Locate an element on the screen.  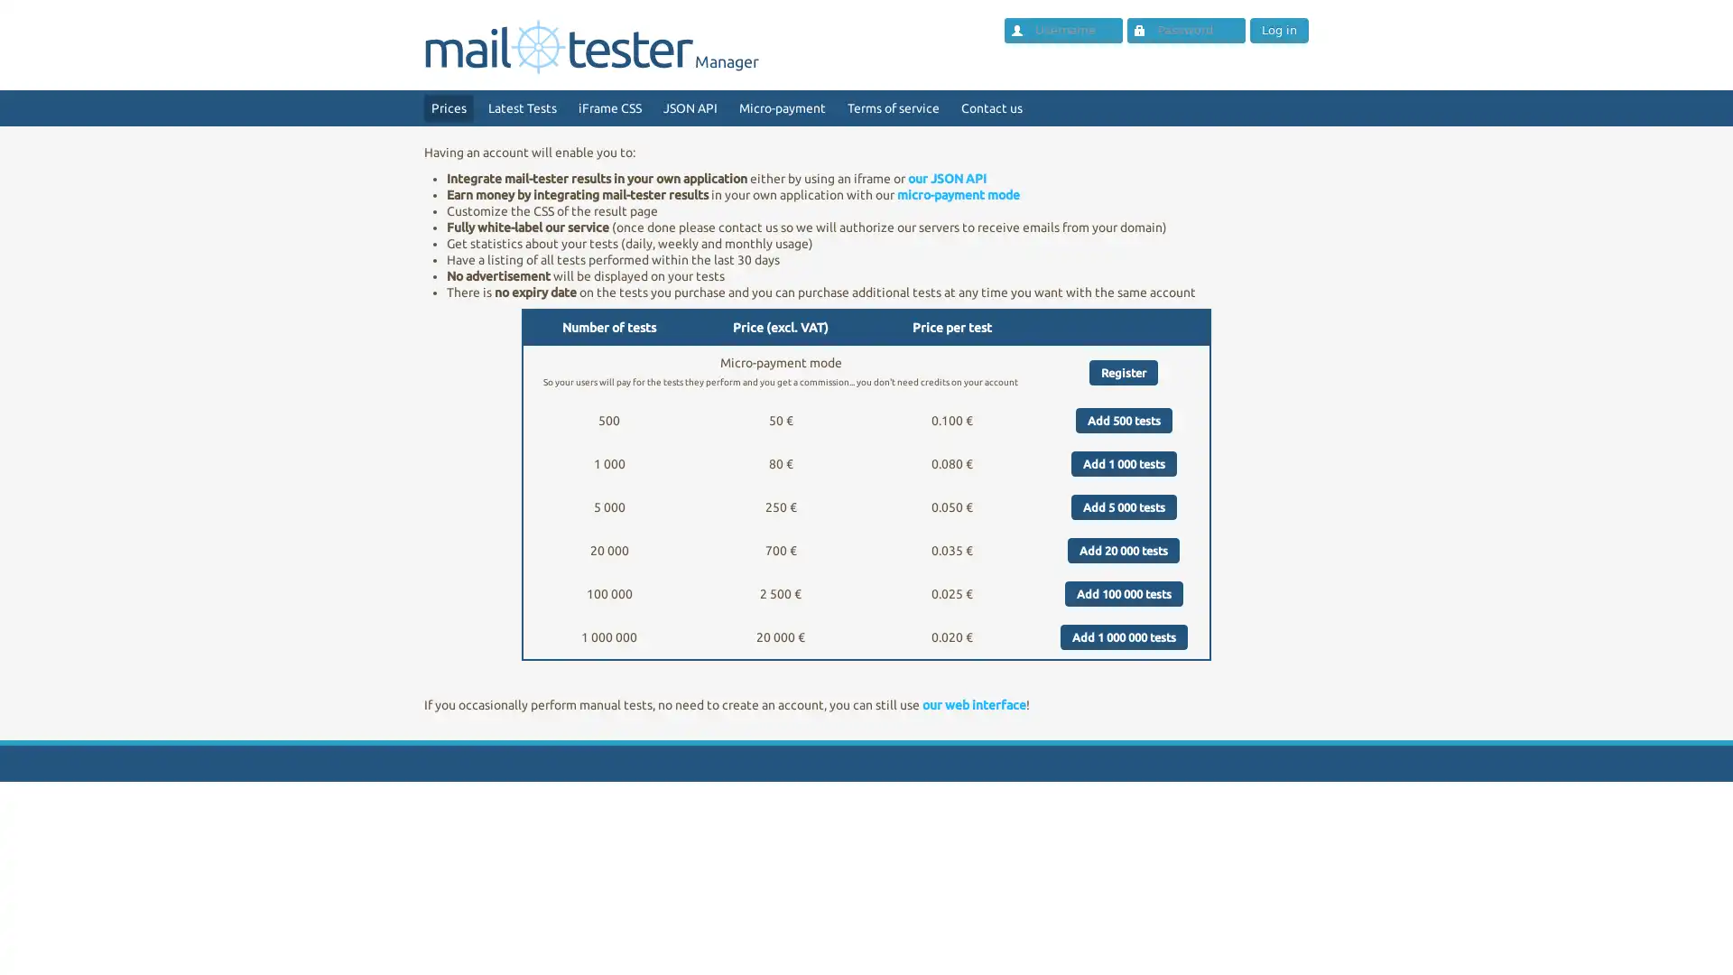
Log in is located at coordinates (1277, 31).